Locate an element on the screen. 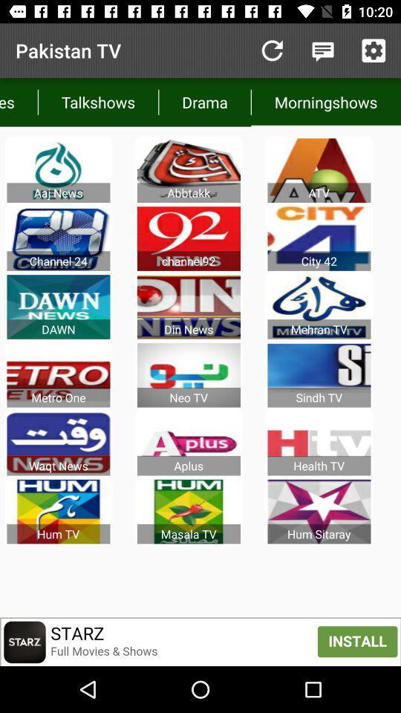  settings button is located at coordinates (373, 51).